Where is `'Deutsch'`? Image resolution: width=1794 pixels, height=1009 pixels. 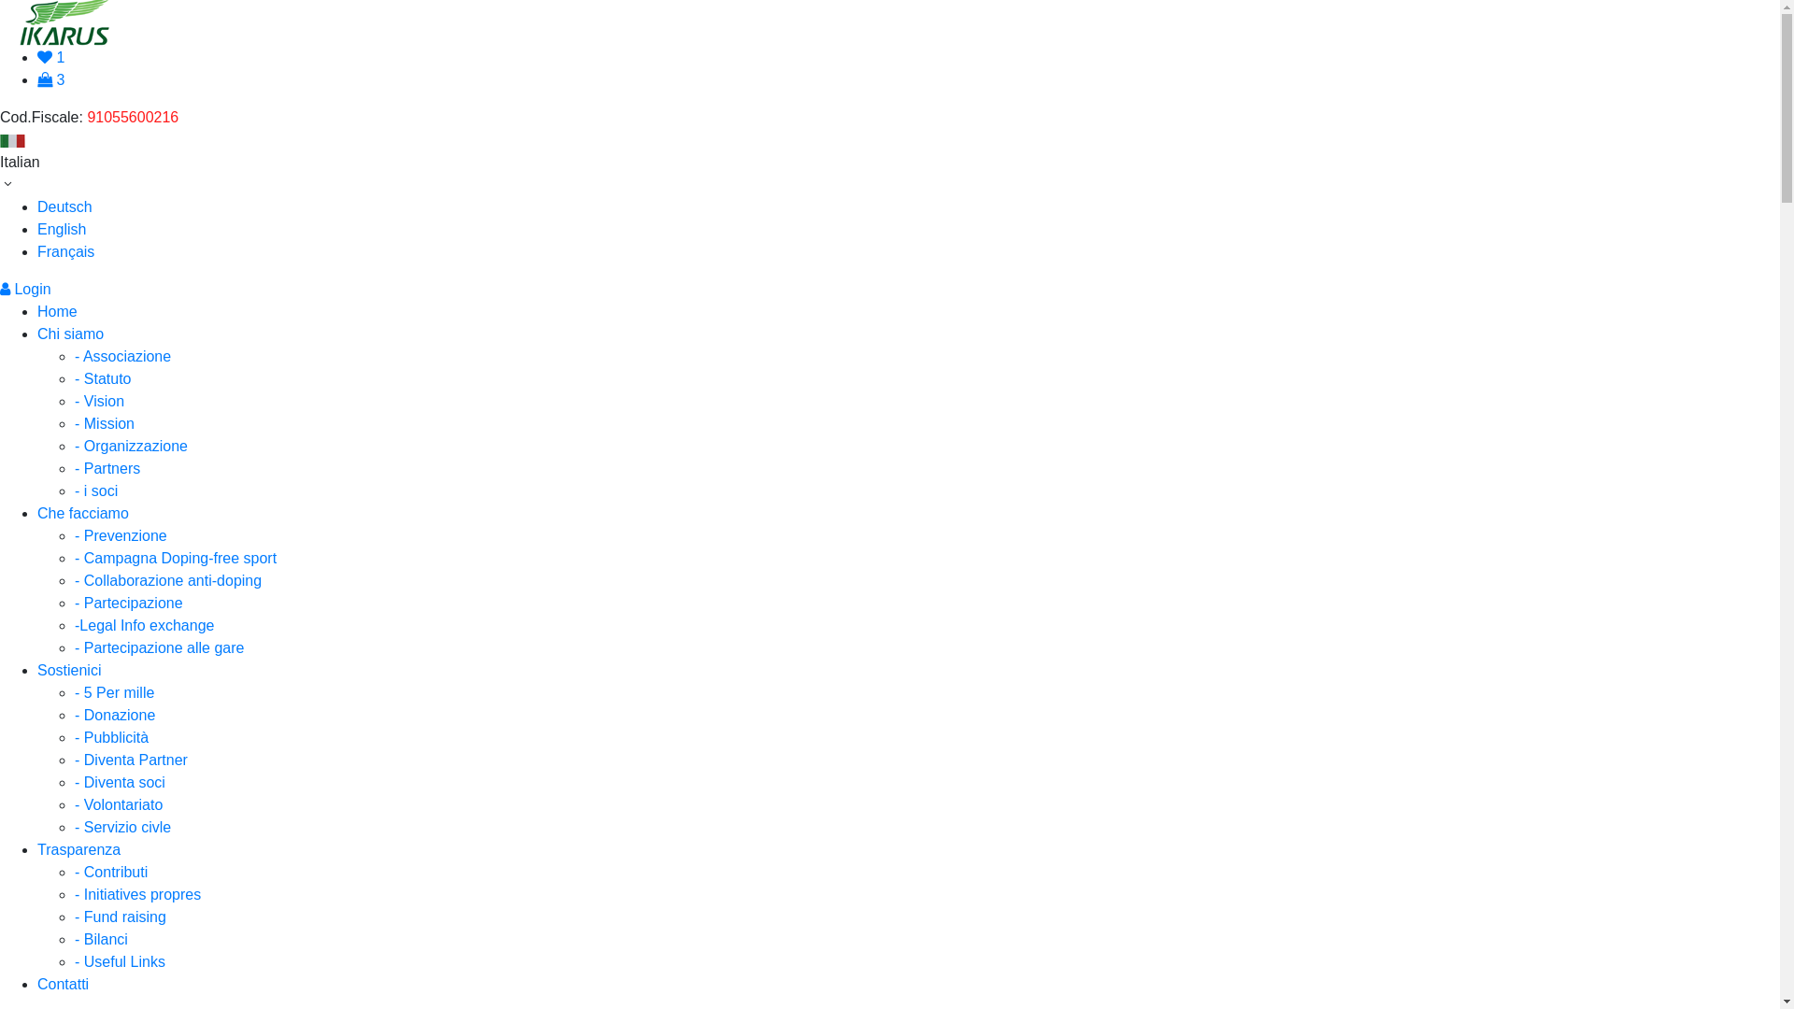 'Deutsch' is located at coordinates (64, 206).